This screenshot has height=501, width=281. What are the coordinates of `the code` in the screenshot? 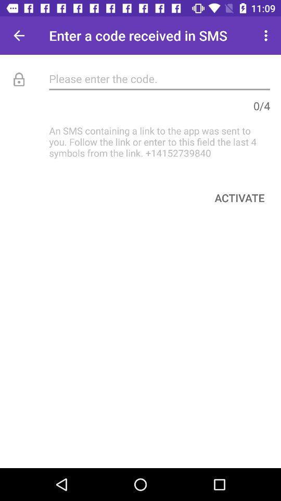 It's located at (159, 78).